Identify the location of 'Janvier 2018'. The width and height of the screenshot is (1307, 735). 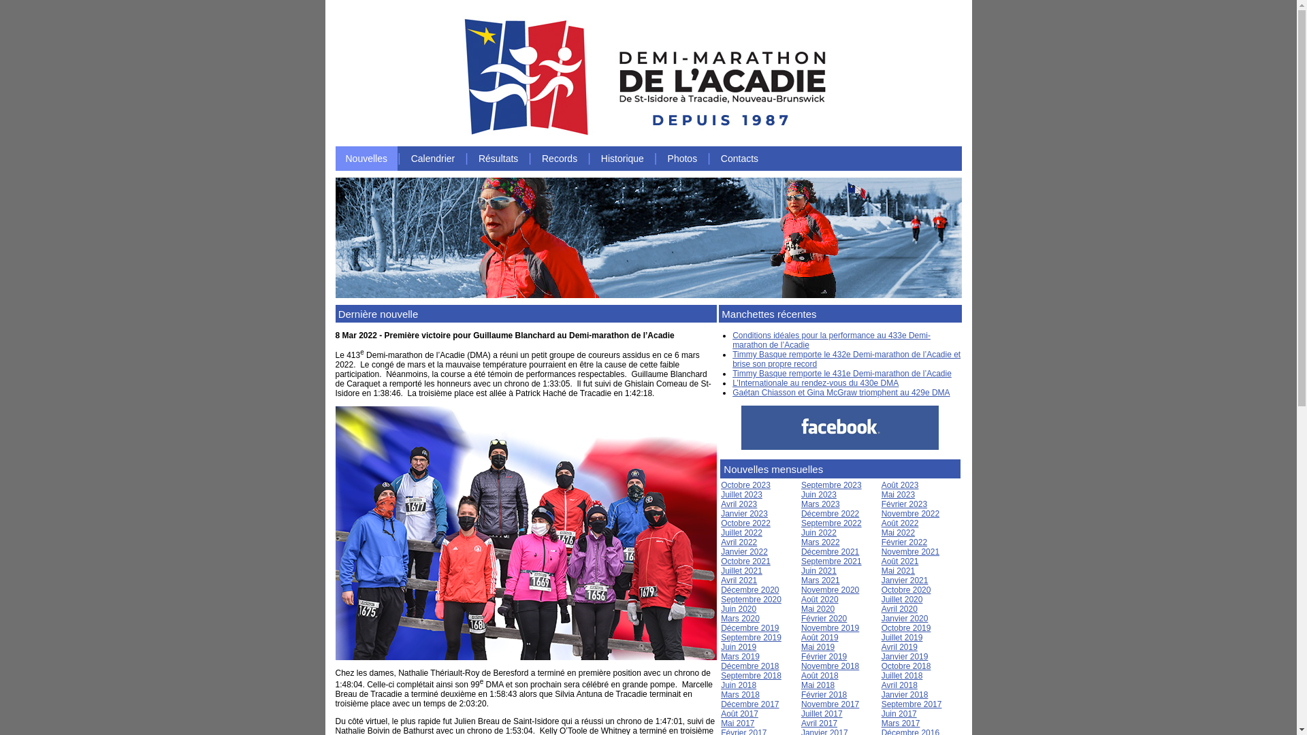
(882, 695).